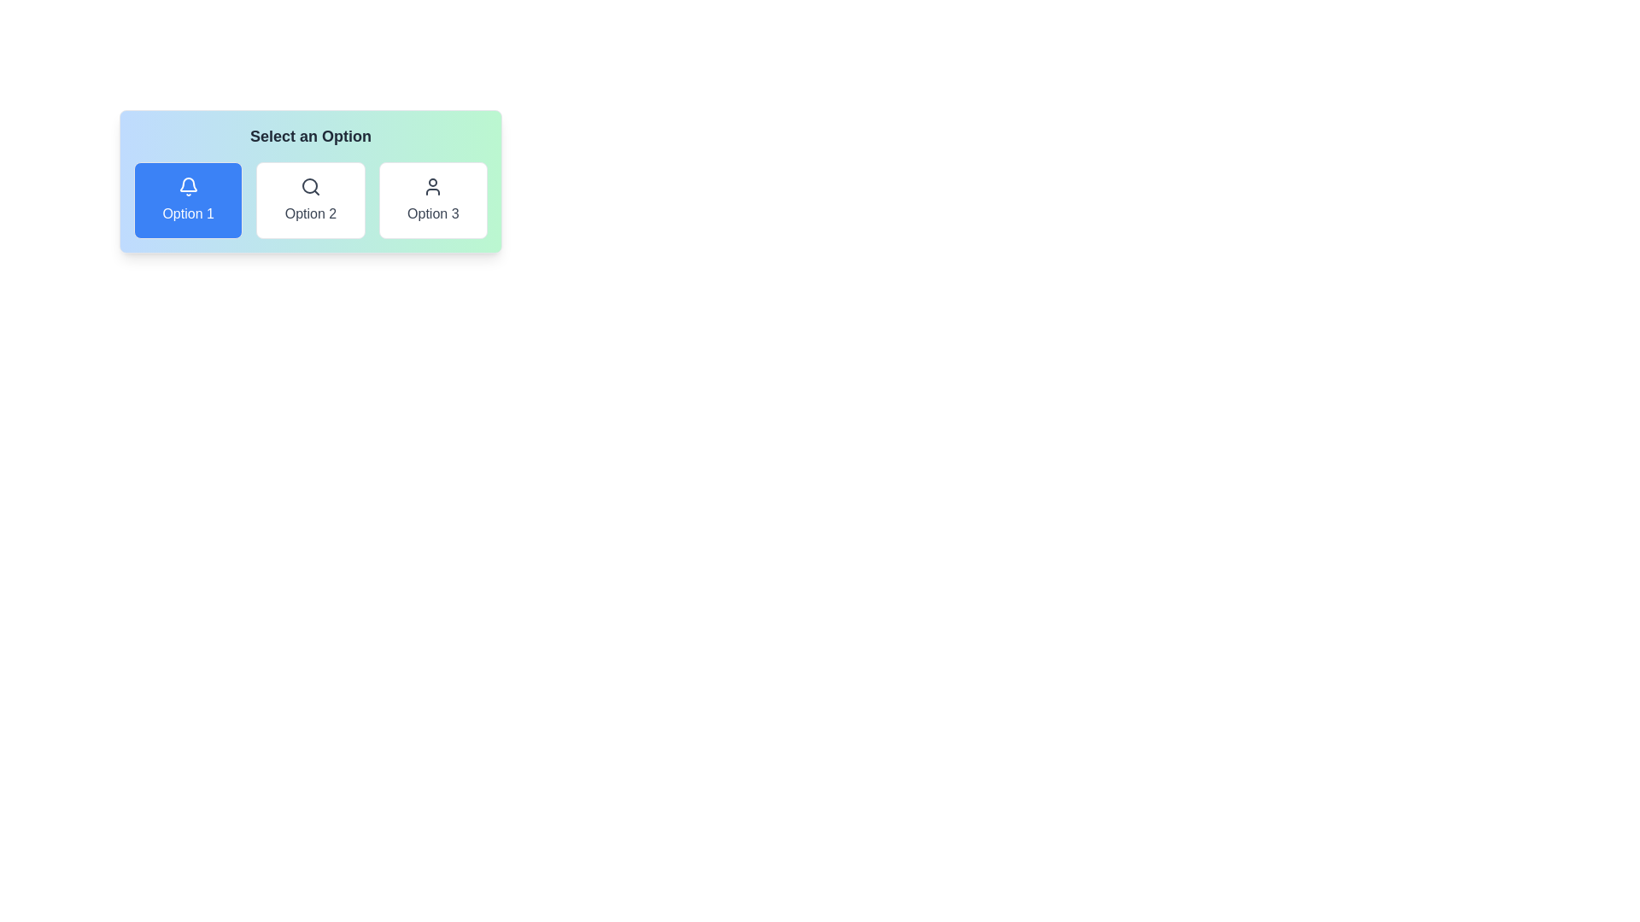 The image size is (1640, 922). Describe the element at coordinates (433, 213) in the screenshot. I see `the Text Label displaying 'Option 3' located beneath the user icon in the rightmost selection card` at that location.